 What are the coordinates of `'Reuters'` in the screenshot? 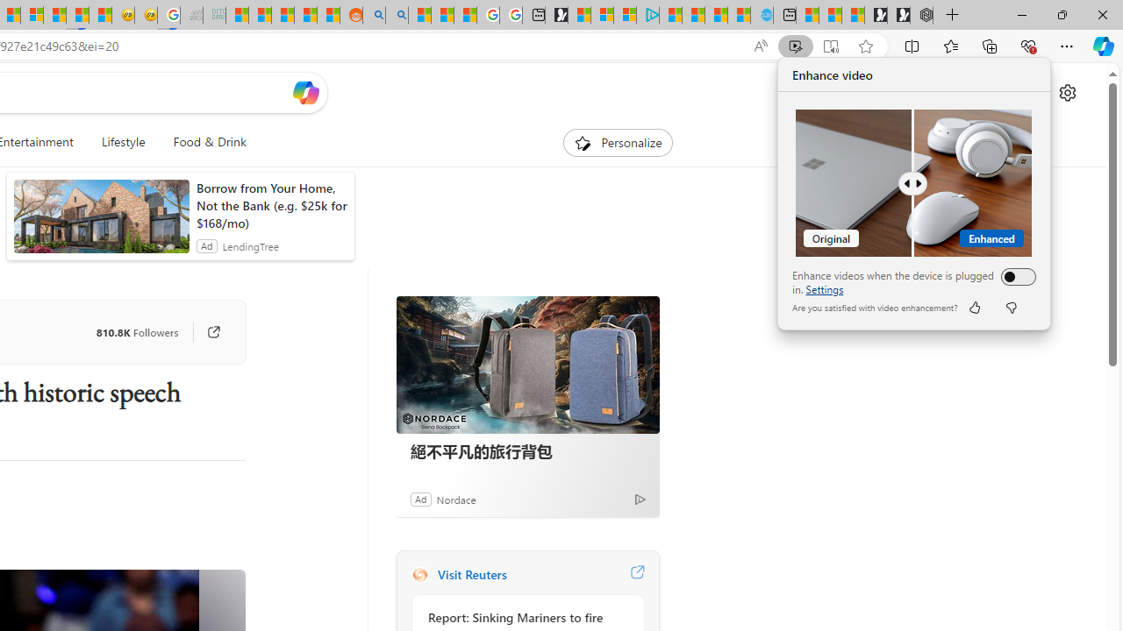 It's located at (418, 574).